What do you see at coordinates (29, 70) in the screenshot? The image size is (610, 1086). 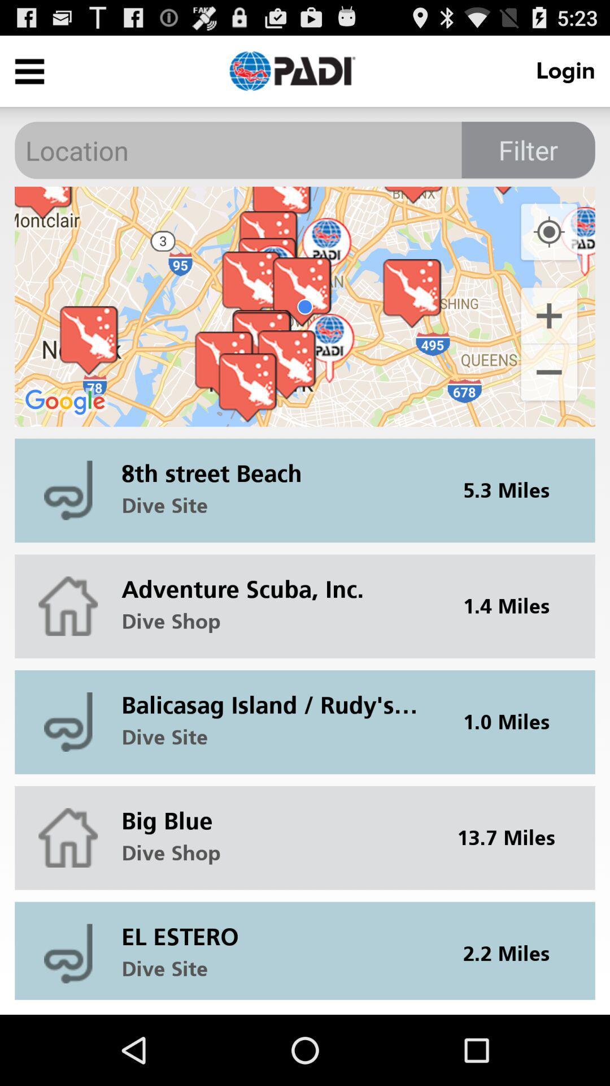 I see `menu` at bounding box center [29, 70].